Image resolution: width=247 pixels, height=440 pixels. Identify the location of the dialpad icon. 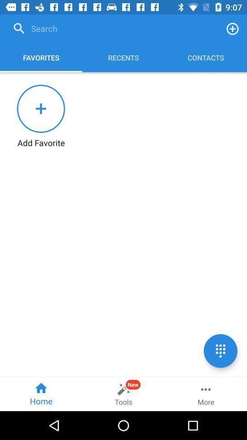
(220, 350).